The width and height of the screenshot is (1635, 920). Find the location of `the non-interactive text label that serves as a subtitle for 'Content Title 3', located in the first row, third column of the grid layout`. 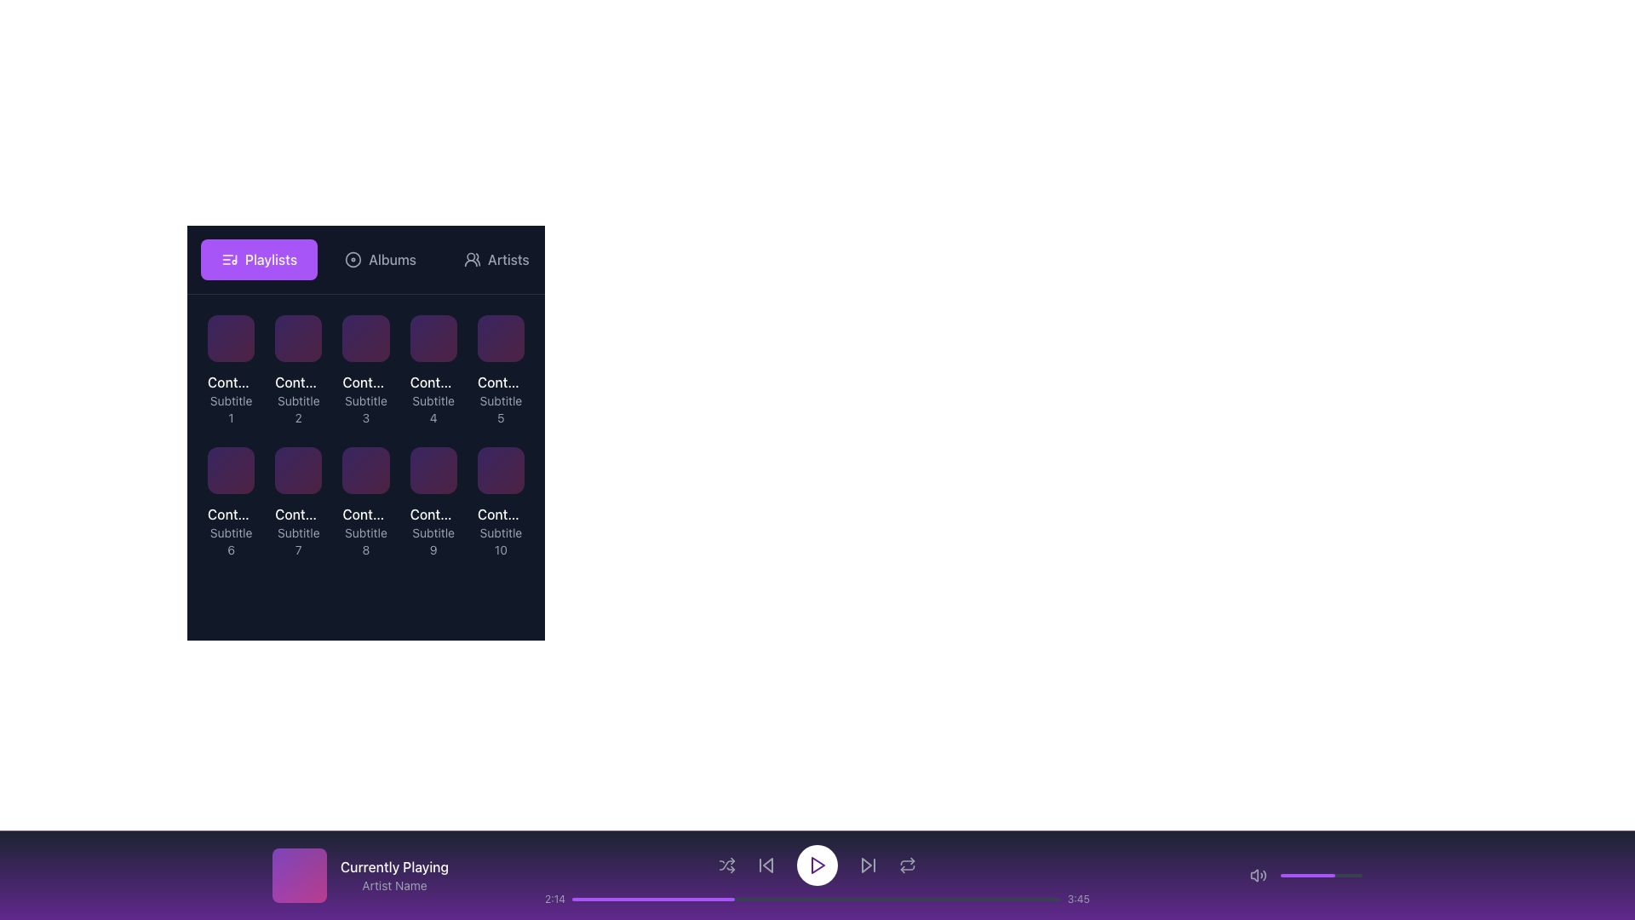

the non-interactive text label that serves as a subtitle for 'Content Title 3', located in the first row, third column of the grid layout is located at coordinates (365, 410).